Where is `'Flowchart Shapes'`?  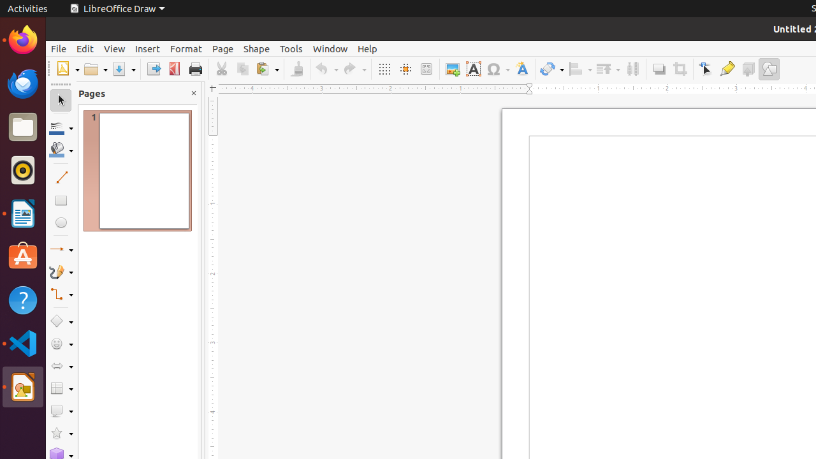 'Flowchart Shapes' is located at coordinates (61, 388).